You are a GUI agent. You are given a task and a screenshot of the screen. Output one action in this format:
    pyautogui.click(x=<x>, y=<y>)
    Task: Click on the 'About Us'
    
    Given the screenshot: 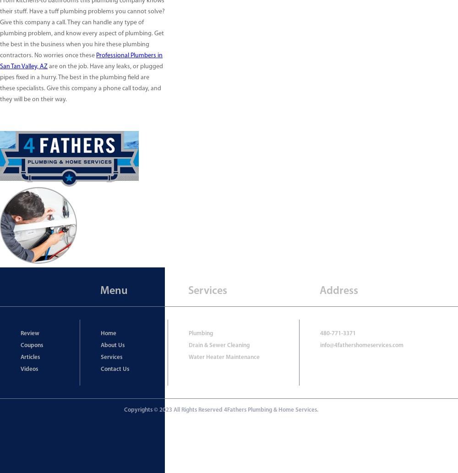 What is the action you would take?
    pyautogui.click(x=112, y=345)
    